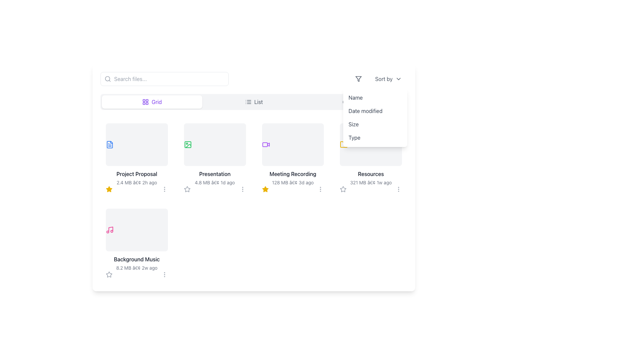  What do you see at coordinates (215, 173) in the screenshot?
I see `text displayed in the static text label located within a grid item, positioned directly below the file type icon and above the file information text` at bounding box center [215, 173].